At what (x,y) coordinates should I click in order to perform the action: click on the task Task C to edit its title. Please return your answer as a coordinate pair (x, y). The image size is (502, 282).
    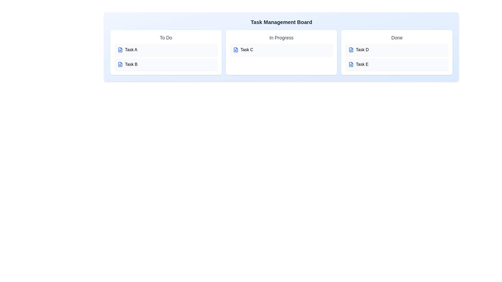
    Looking at the image, I should click on (281, 50).